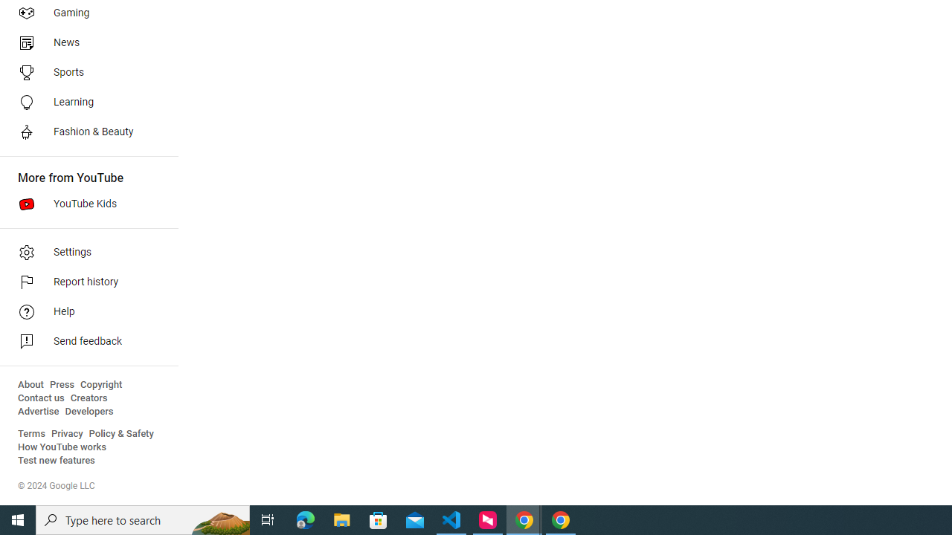 The height and width of the screenshot is (535, 952). I want to click on 'News', so click(83, 42).